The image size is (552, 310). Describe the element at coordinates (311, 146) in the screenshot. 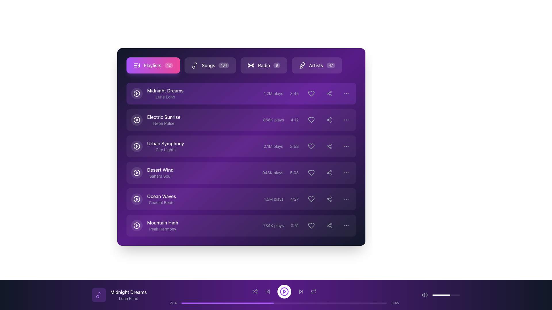

I see `the 'like' button located in the third row of the list, next to the duration '3:58' and to the left of the share icon to mark the item as liked` at that location.